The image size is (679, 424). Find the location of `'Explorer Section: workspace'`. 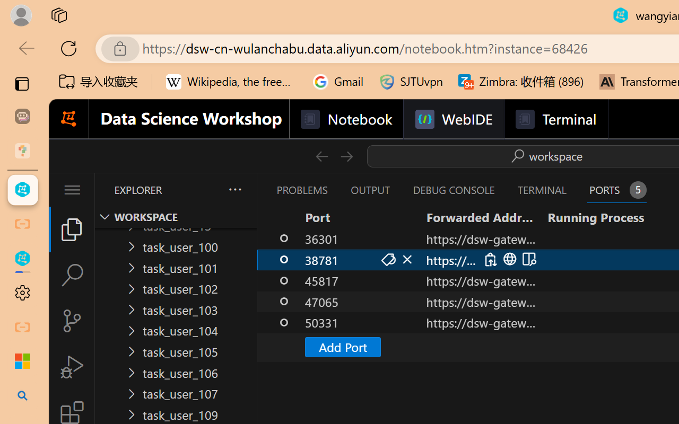

'Explorer Section: workspace' is located at coordinates (176, 217).